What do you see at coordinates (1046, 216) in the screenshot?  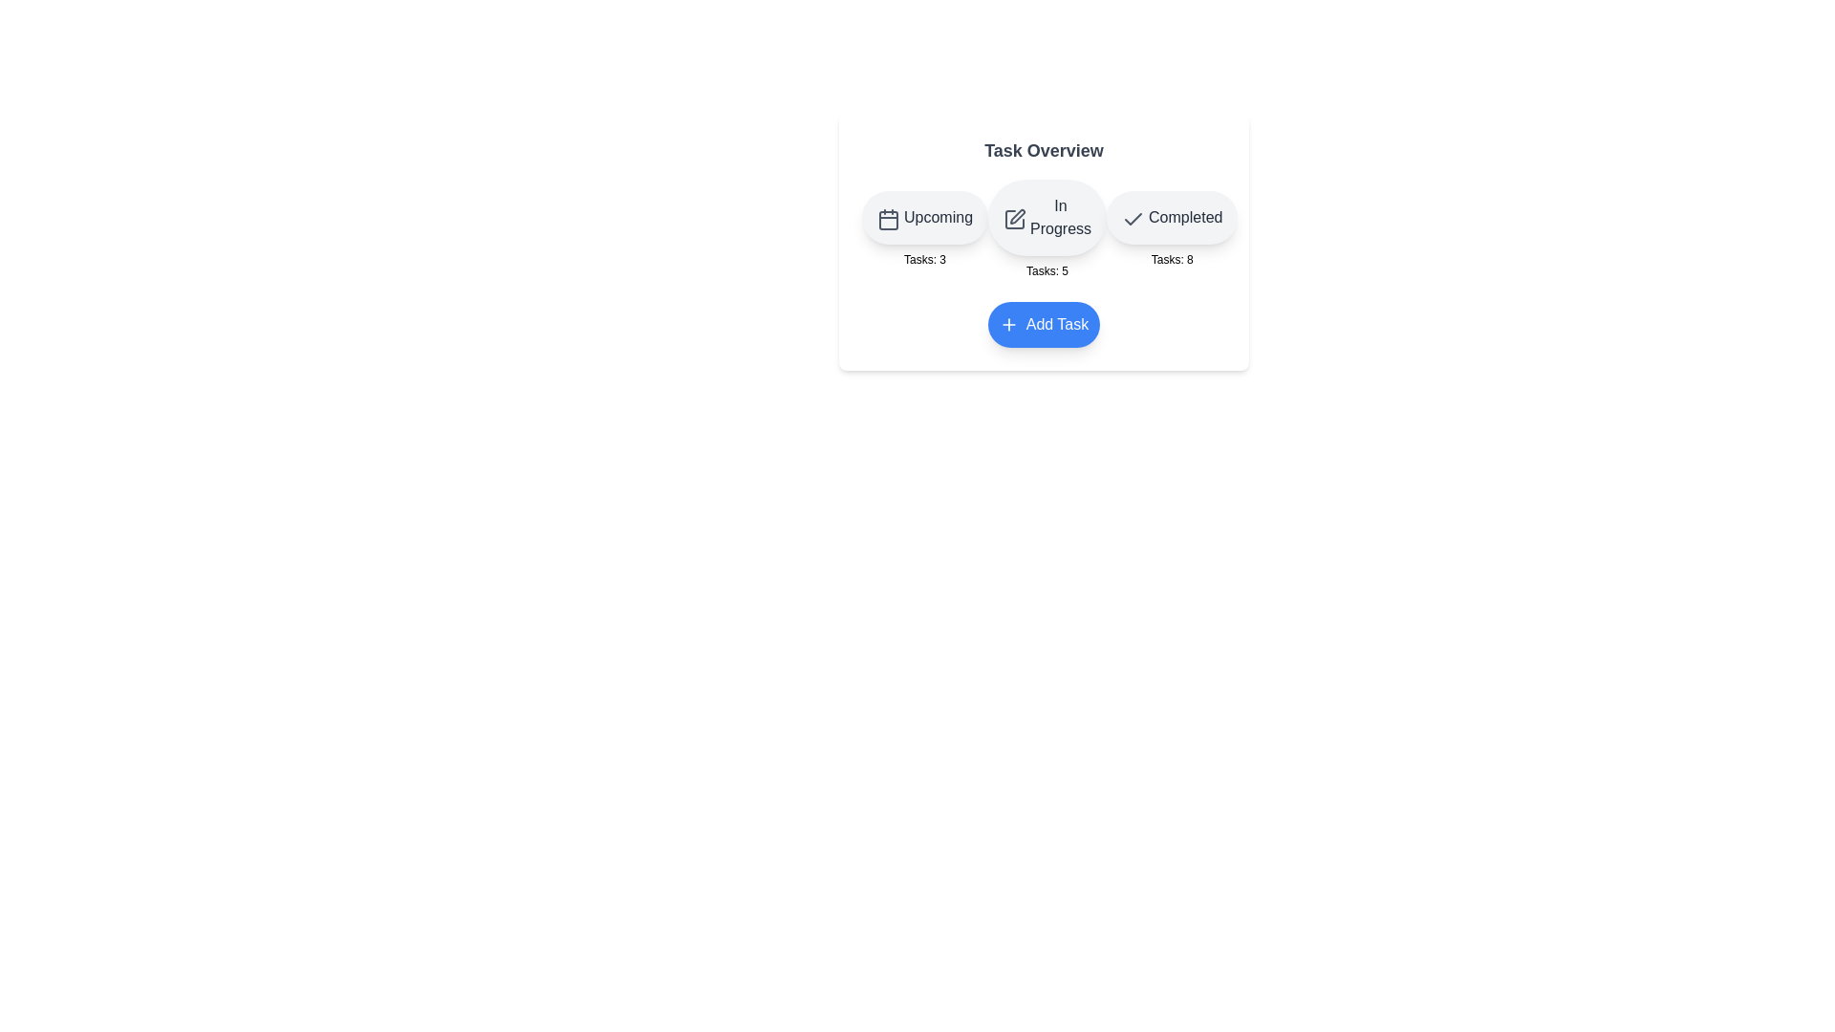 I see `the button for the category In Progress` at bounding box center [1046, 216].